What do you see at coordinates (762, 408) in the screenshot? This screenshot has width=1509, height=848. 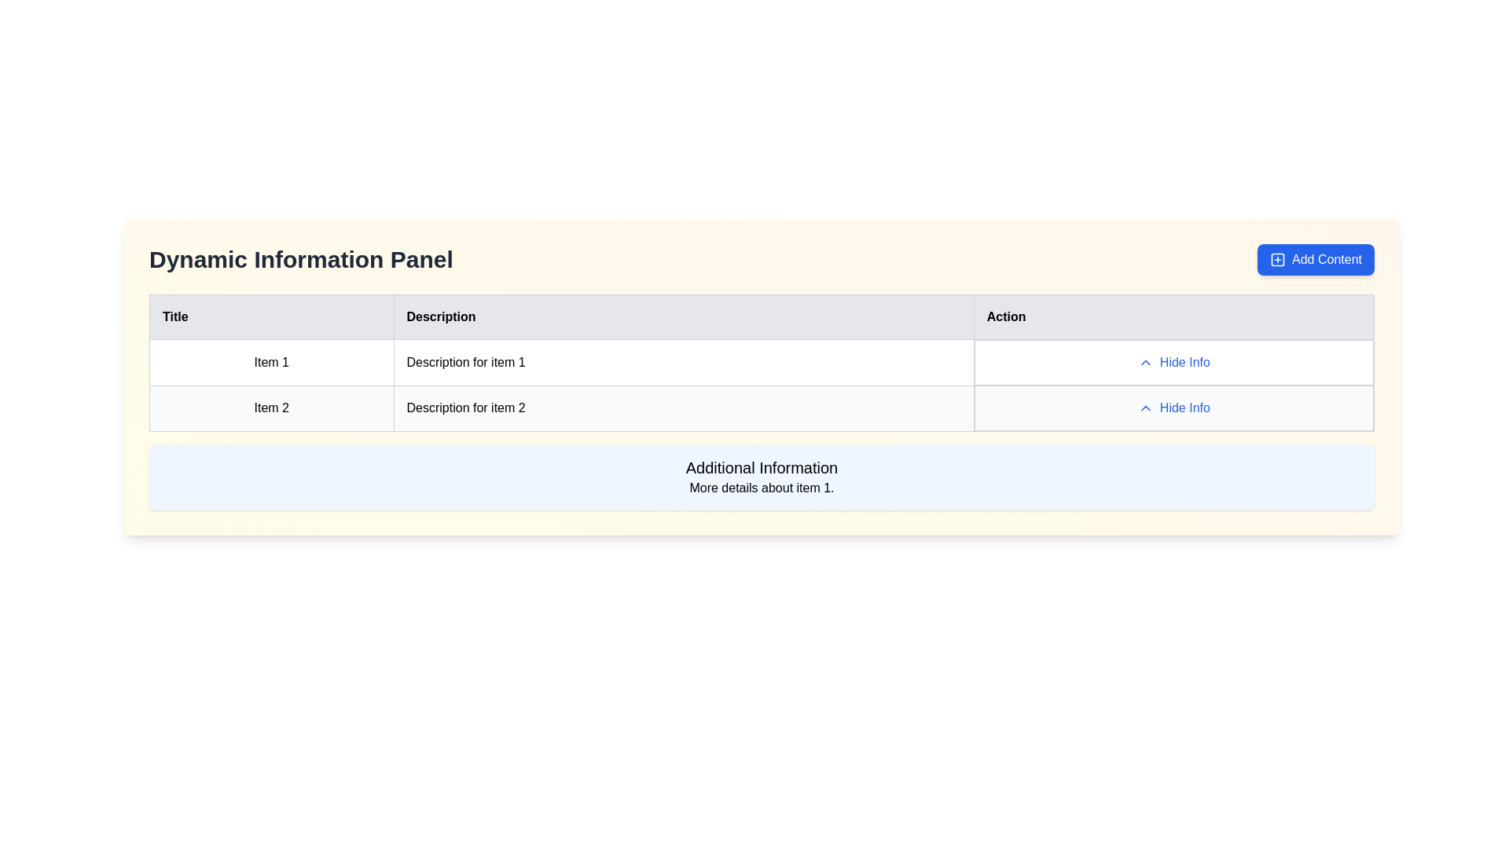 I see `the 'Hide Info' link in the second row of the data table` at bounding box center [762, 408].